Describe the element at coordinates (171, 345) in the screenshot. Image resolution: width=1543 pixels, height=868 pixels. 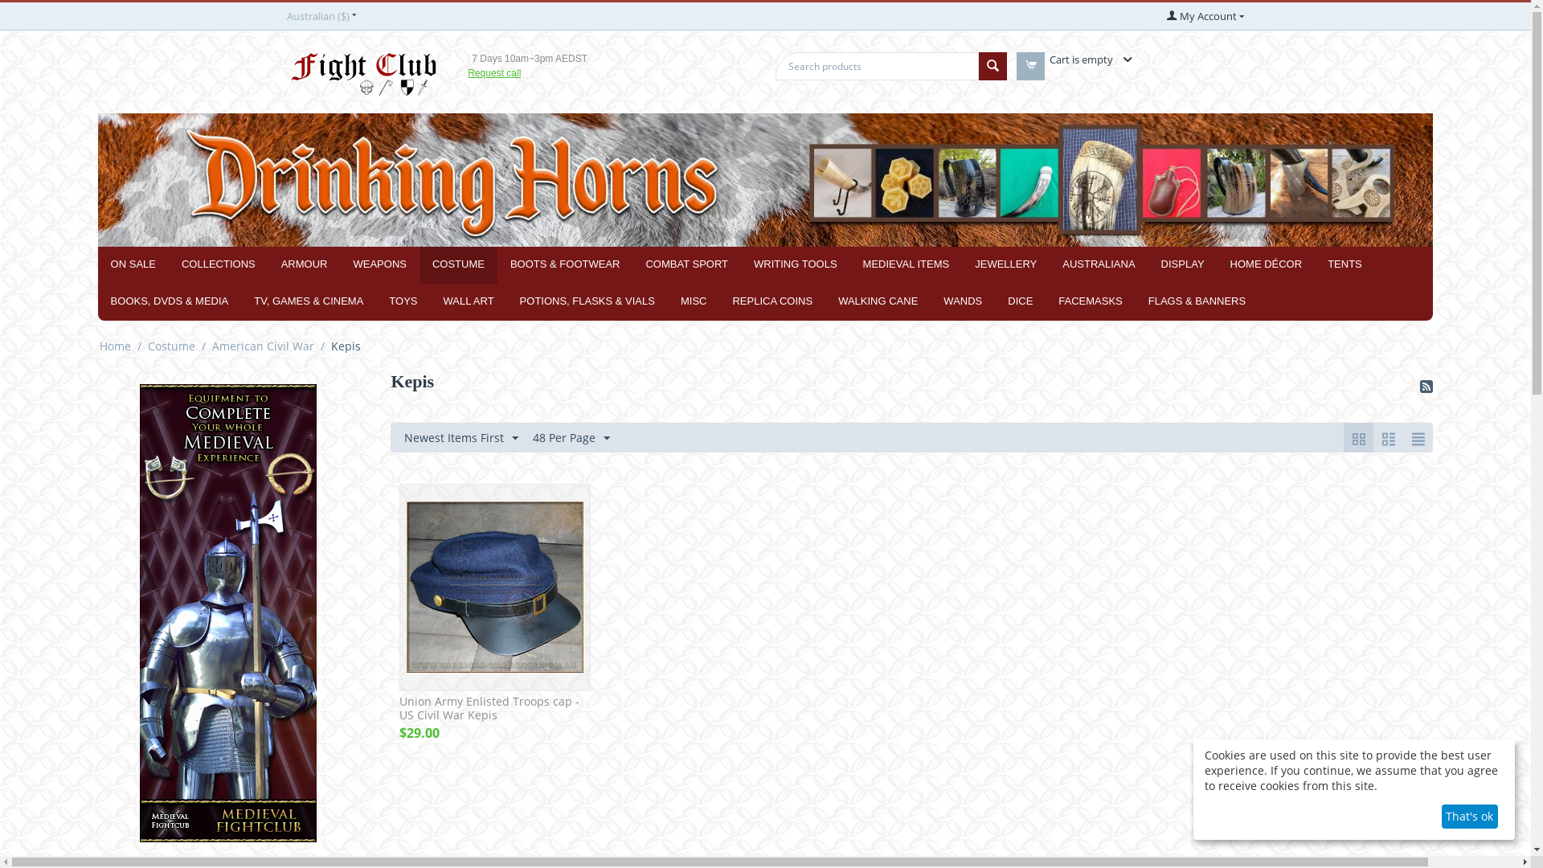
I see `'Costume'` at that location.